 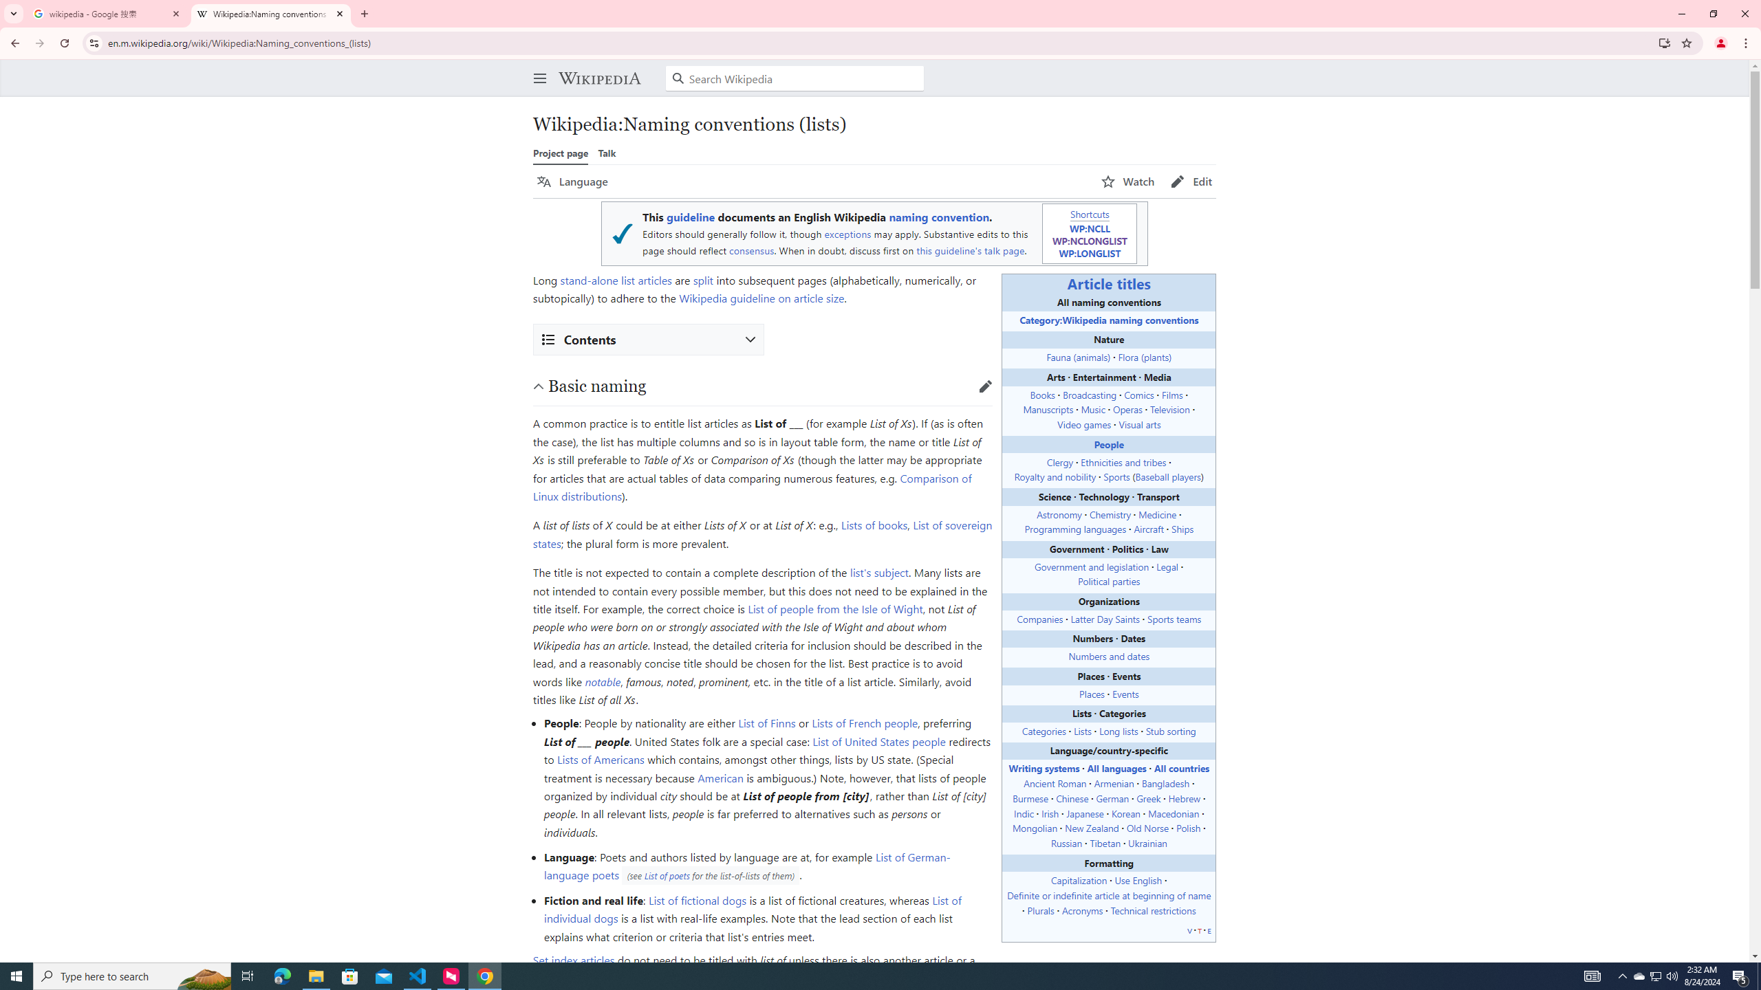 What do you see at coordinates (1108, 513) in the screenshot?
I see `'Chemistry'` at bounding box center [1108, 513].